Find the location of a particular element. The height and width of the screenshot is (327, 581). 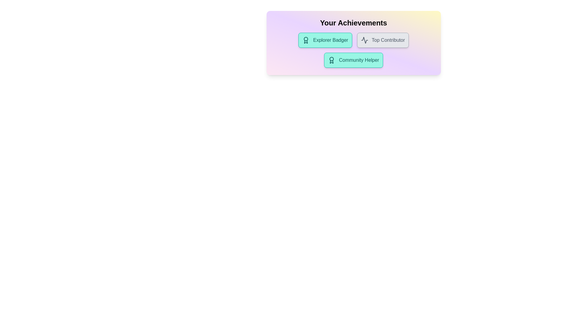

the achievement chip labeled 'Top Contributor' to see its hover effect is located at coordinates (382, 40).